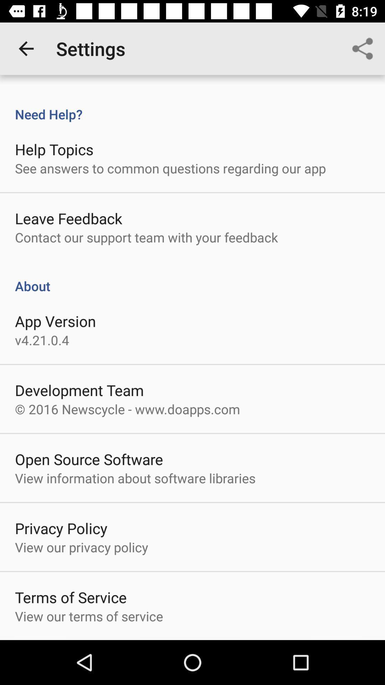 The width and height of the screenshot is (385, 685). I want to click on 2016 newscycle www icon, so click(127, 409).